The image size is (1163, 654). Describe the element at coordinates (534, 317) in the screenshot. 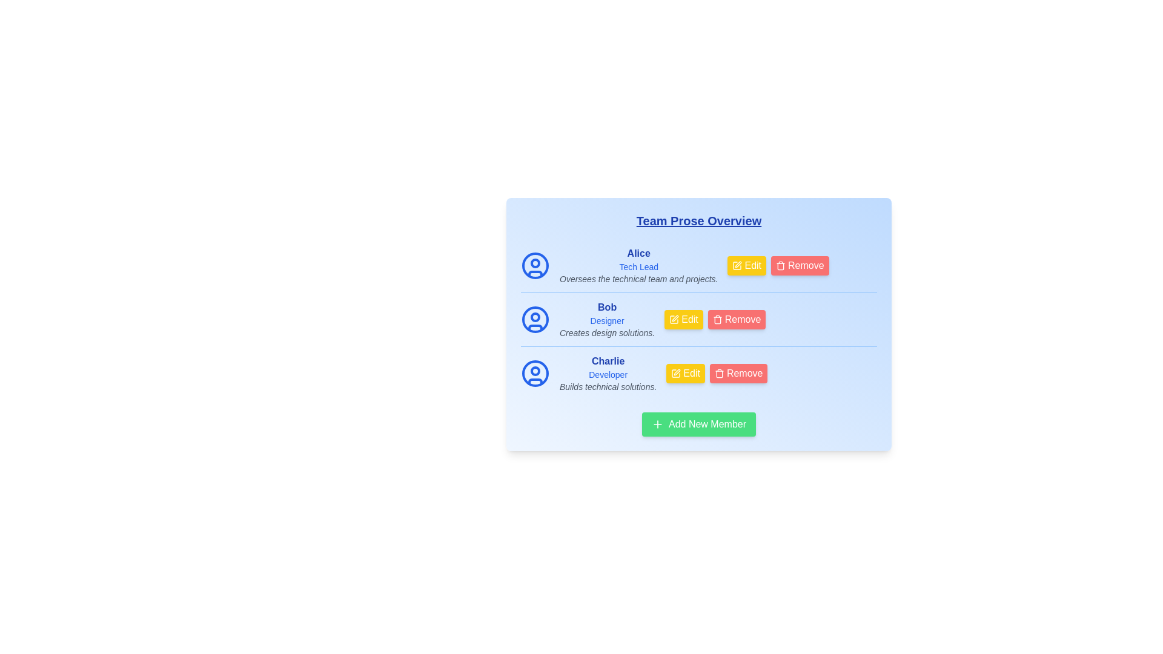

I see `the decorative graphical element within the user avatar icon, which is the second sibling element after the larger encompassing circle` at that location.